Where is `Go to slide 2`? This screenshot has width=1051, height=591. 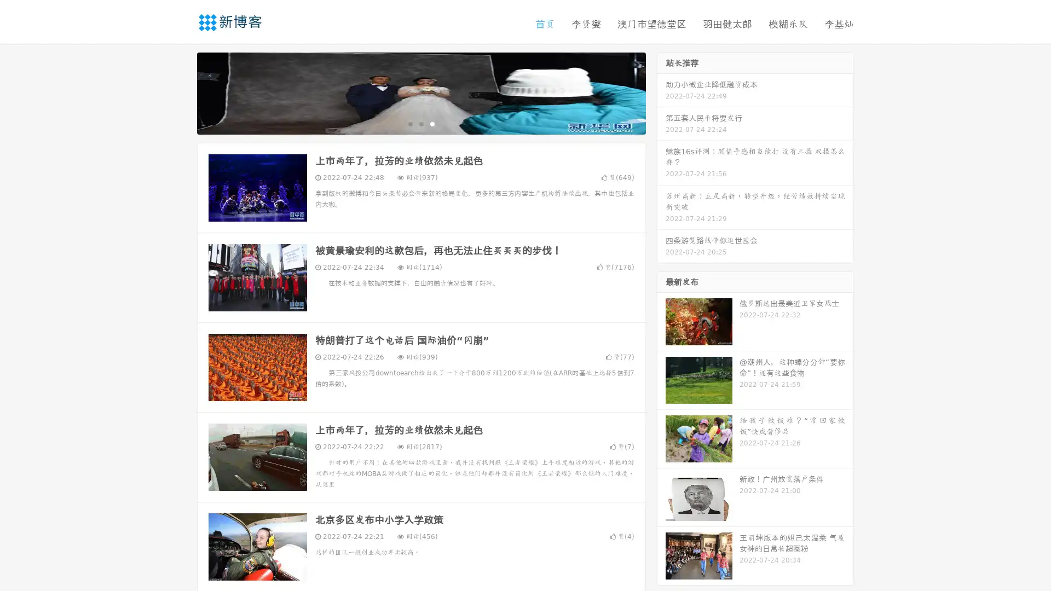 Go to slide 2 is located at coordinates (420, 123).